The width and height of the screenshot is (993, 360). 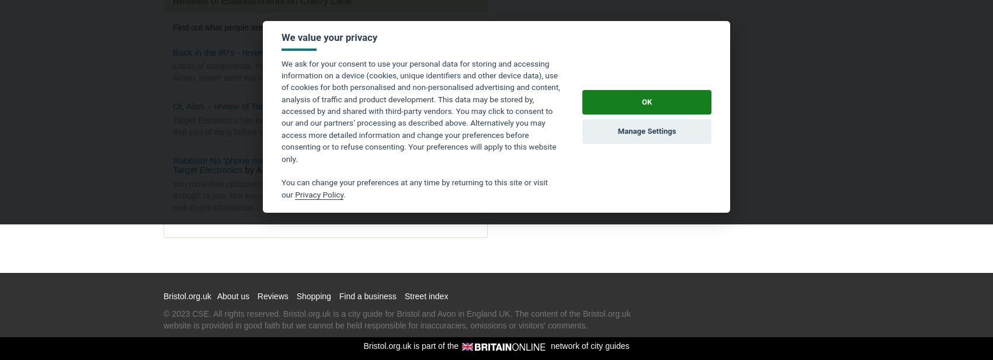 I want to click on 'About us', so click(x=216, y=295).